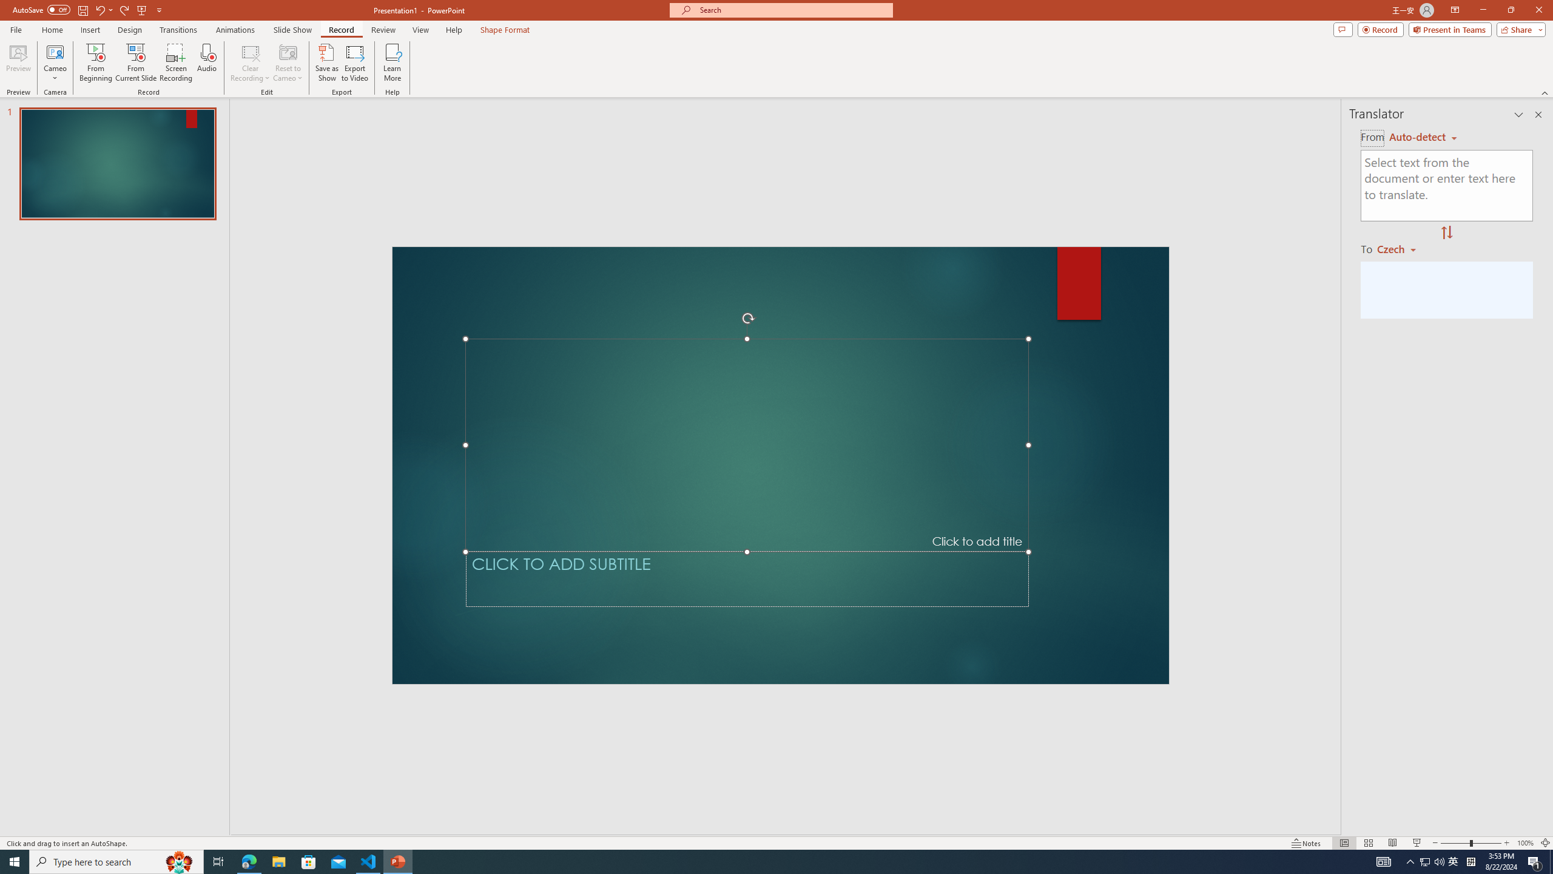  Describe the element at coordinates (124, 9) in the screenshot. I see `'Redo'` at that location.